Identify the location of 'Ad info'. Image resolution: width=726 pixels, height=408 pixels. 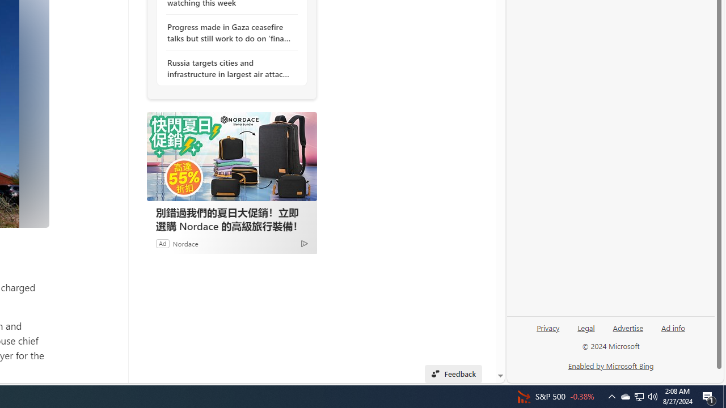
(673, 327).